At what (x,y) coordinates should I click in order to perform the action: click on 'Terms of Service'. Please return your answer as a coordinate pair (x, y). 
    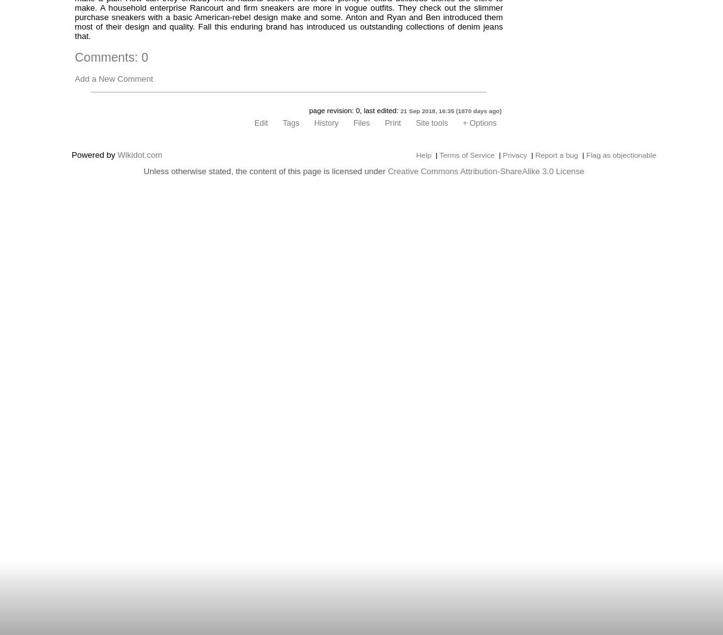
    Looking at the image, I should click on (466, 155).